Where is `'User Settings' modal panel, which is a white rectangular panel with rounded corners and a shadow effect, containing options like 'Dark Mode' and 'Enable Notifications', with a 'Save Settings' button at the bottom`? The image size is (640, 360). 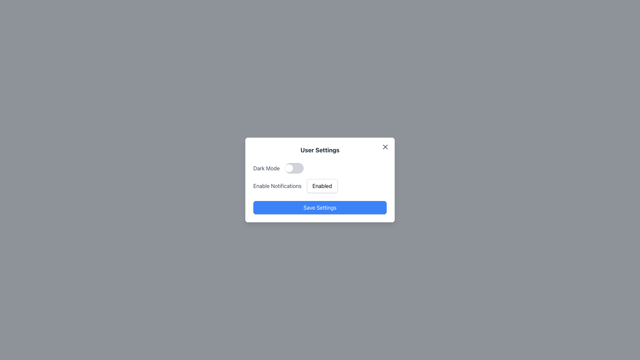 'User Settings' modal panel, which is a white rectangular panel with rounded corners and a shadow effect, containing options like 'Dark Mode' and 'Enable Notifications', with a 'Save Settings' button at the bottom is located at coordinates (320, 180).